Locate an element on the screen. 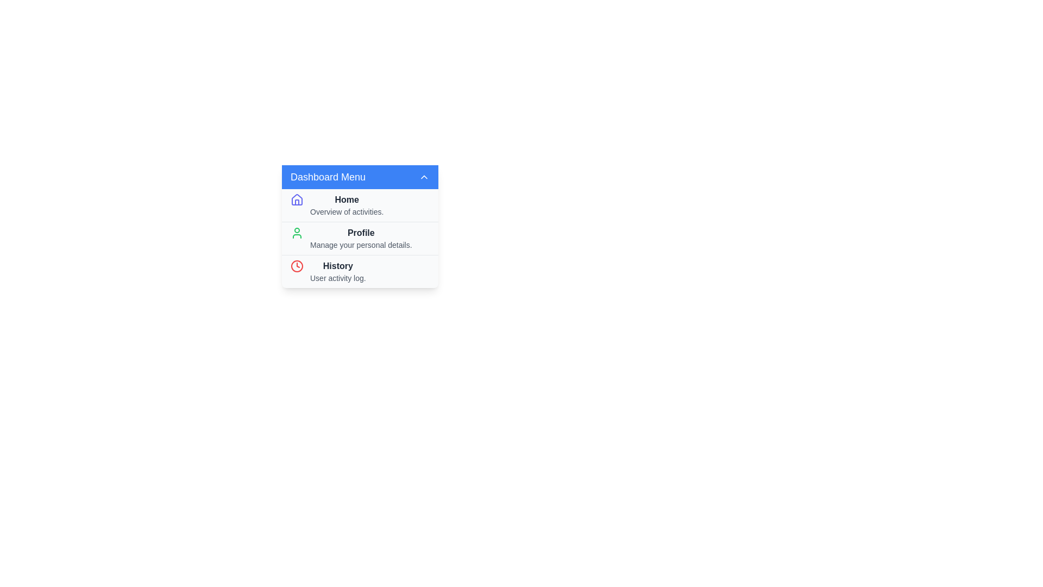  the 'History' menu item in the sidebar is located at coordinates (360, 270).